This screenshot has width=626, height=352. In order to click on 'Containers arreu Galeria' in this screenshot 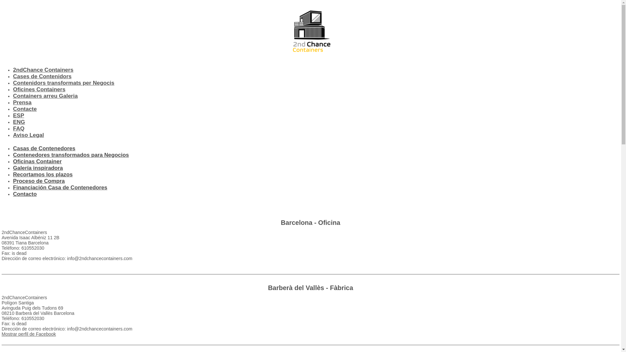, I will do `click(45, 96)`.